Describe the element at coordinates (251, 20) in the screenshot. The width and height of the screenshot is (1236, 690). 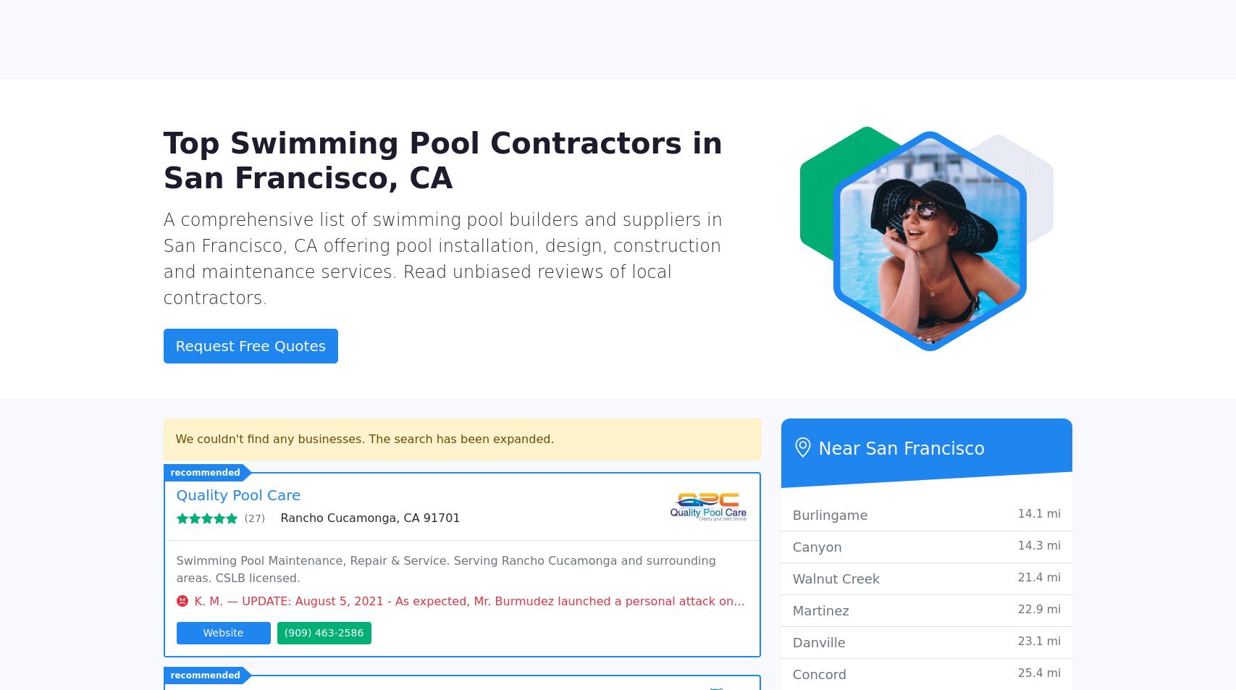
I see `'California'` at that location.